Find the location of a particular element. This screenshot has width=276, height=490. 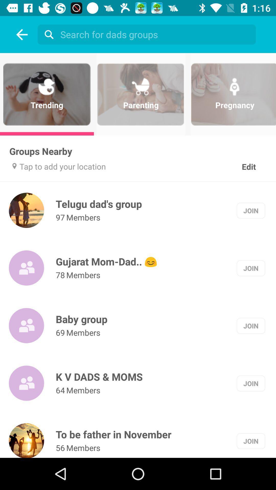

the 69 is located at coordinates (60, 333).